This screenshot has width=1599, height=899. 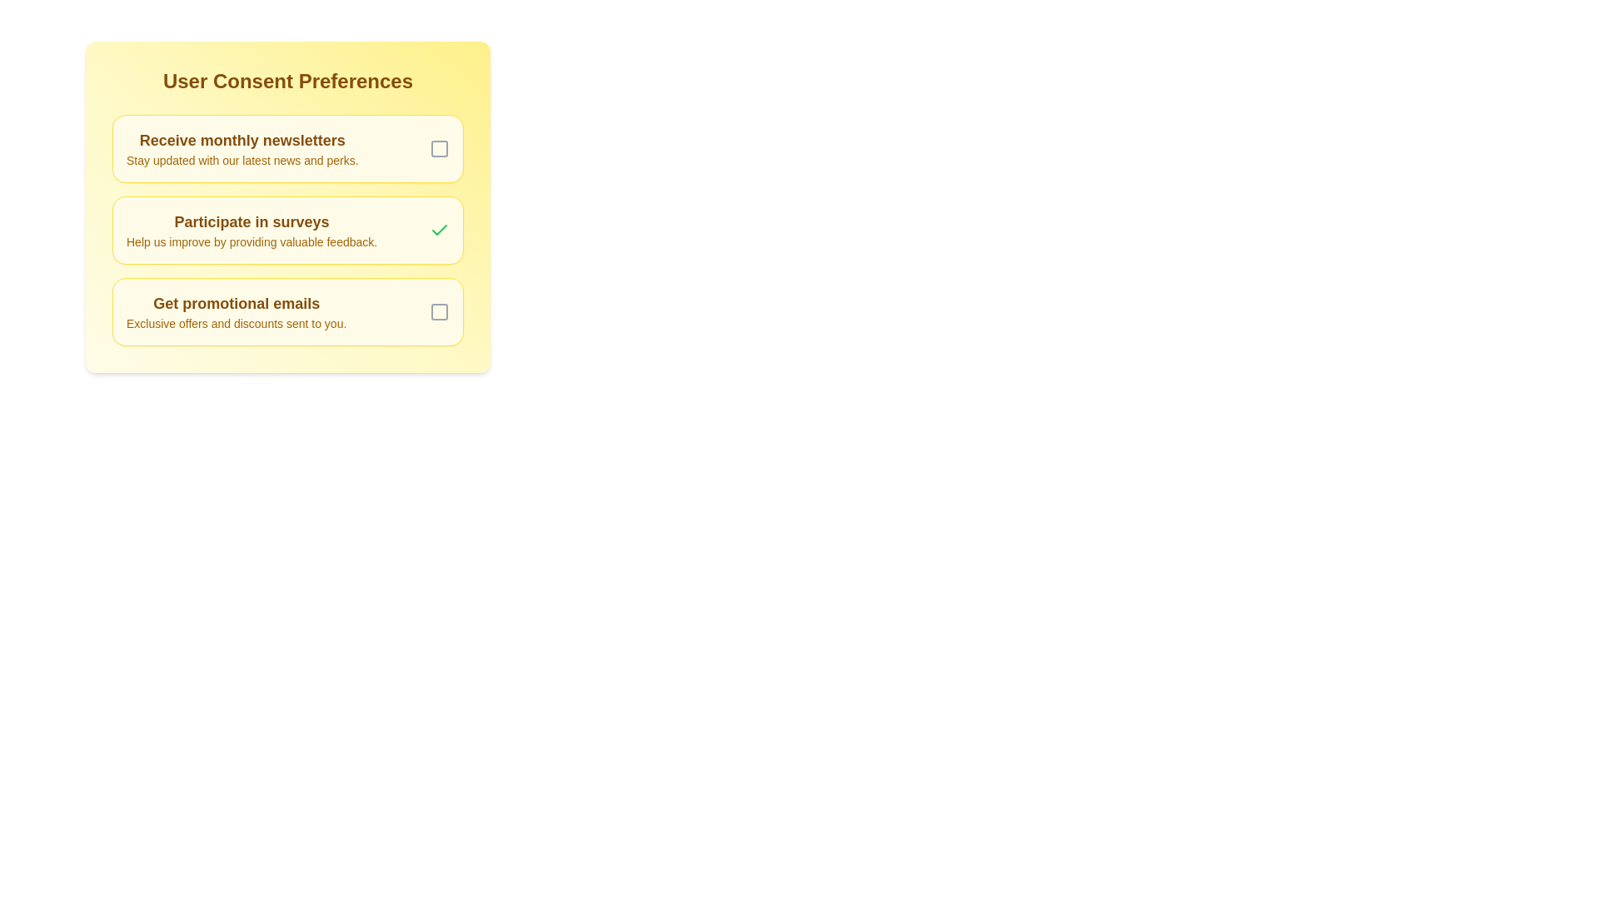 What do you see at coordinates (236, 304) in the screenshot?
I see `the text label that indicates it is associated with receiving promotional emails, located above the text 'Exclusive offers and discounts sent to you.' in the 'User Consent Preferences' card` at bounding box center [236, 304].